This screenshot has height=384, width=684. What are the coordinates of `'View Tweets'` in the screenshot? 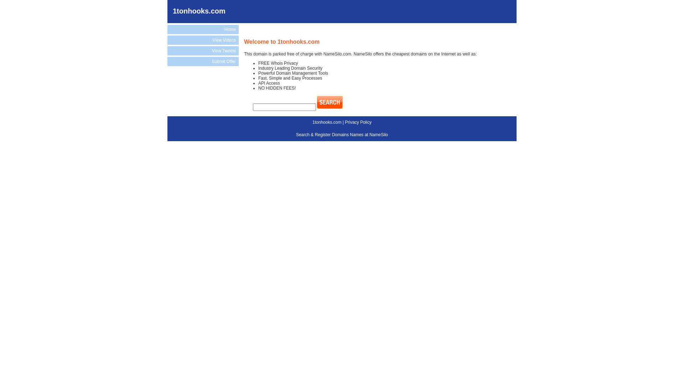 It's located at (203, 50).